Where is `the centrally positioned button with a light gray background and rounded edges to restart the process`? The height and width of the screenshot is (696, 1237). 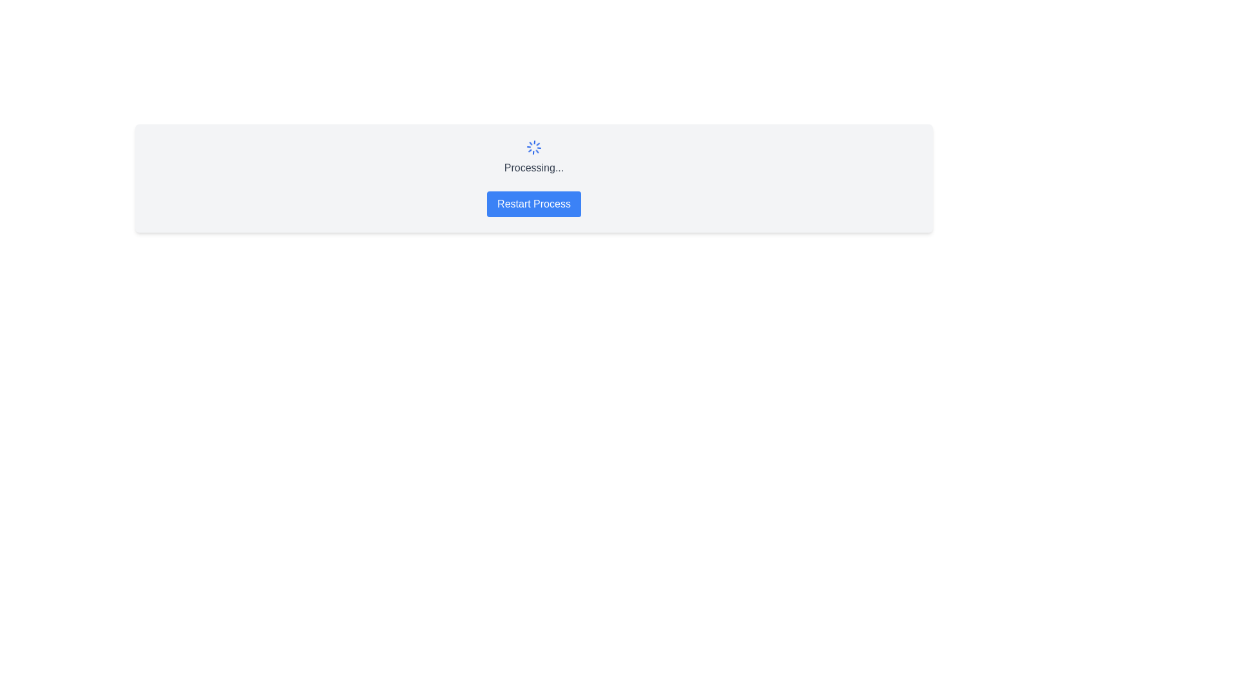 the centrally positioned button with a light gray background and rounded edges to restart the process is located at coordinates (534, 203).